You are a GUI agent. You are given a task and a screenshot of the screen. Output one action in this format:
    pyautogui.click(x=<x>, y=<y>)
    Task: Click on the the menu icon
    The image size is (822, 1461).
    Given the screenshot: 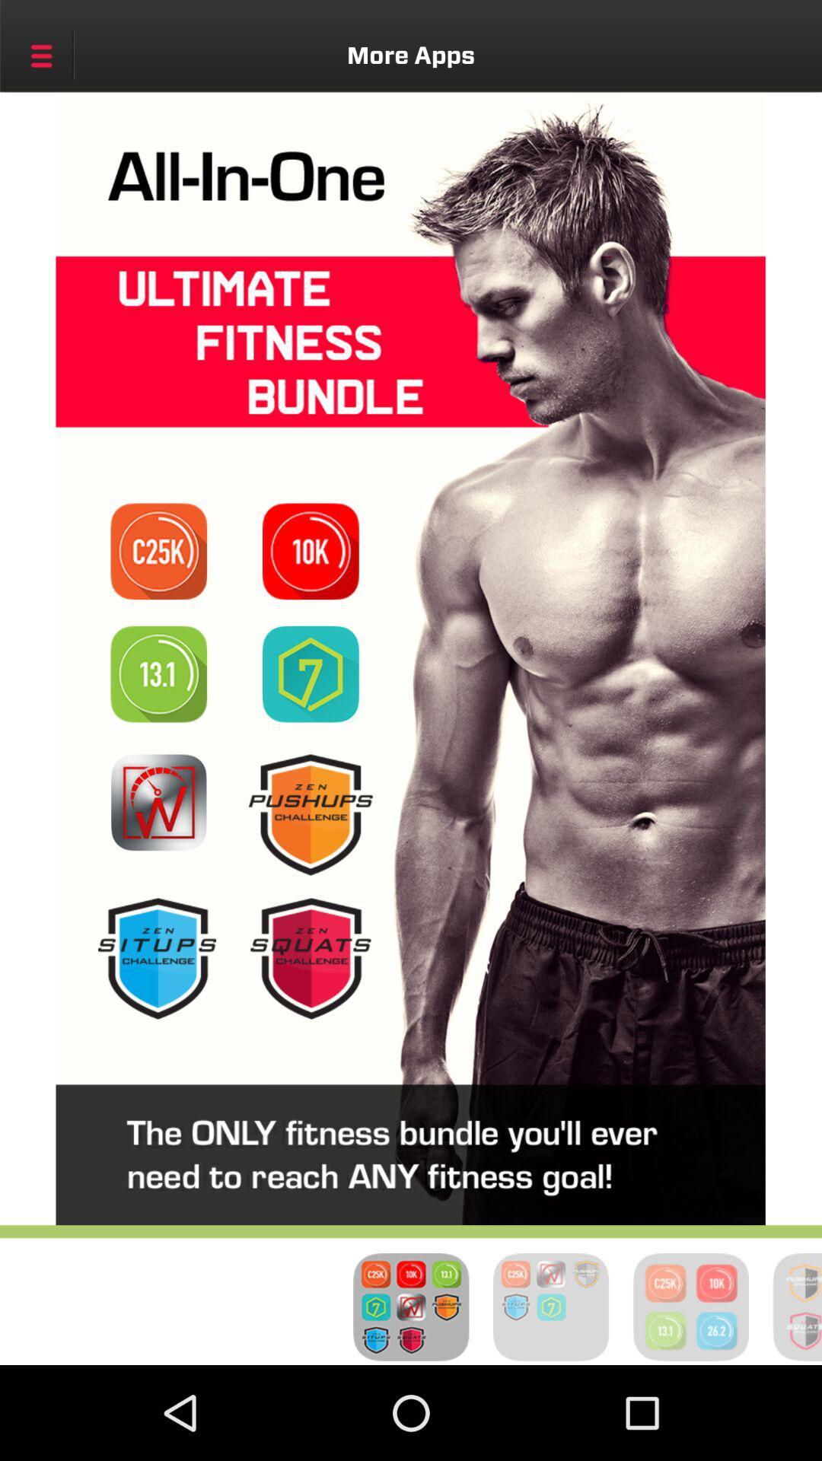 What is the action you would take?
    pyautogui.click(x=40, y=56)
    